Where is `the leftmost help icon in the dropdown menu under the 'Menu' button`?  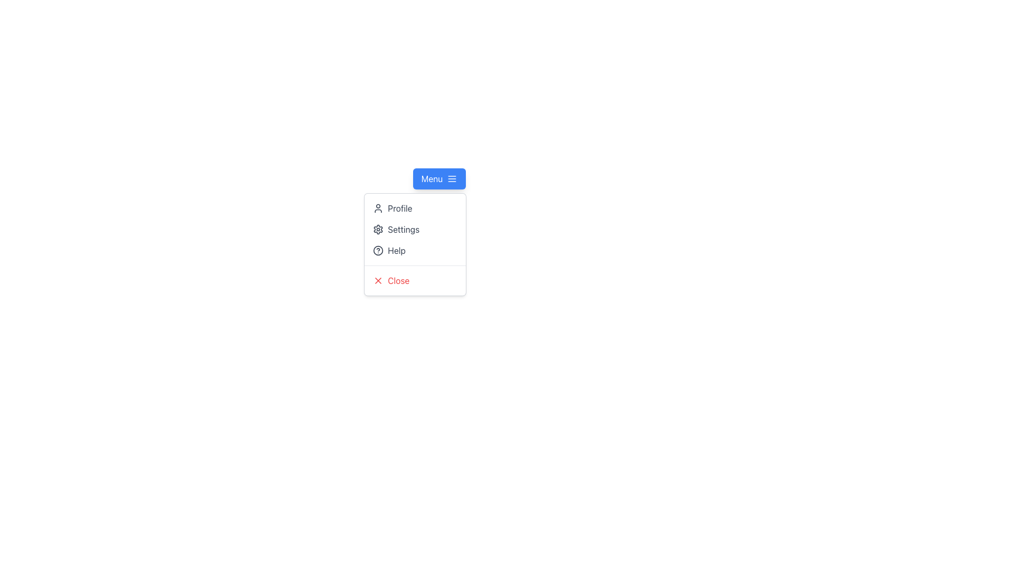 the leftmost help icon in the dropdown menu under the 'Menu' button is located at coordinates (378, 250).